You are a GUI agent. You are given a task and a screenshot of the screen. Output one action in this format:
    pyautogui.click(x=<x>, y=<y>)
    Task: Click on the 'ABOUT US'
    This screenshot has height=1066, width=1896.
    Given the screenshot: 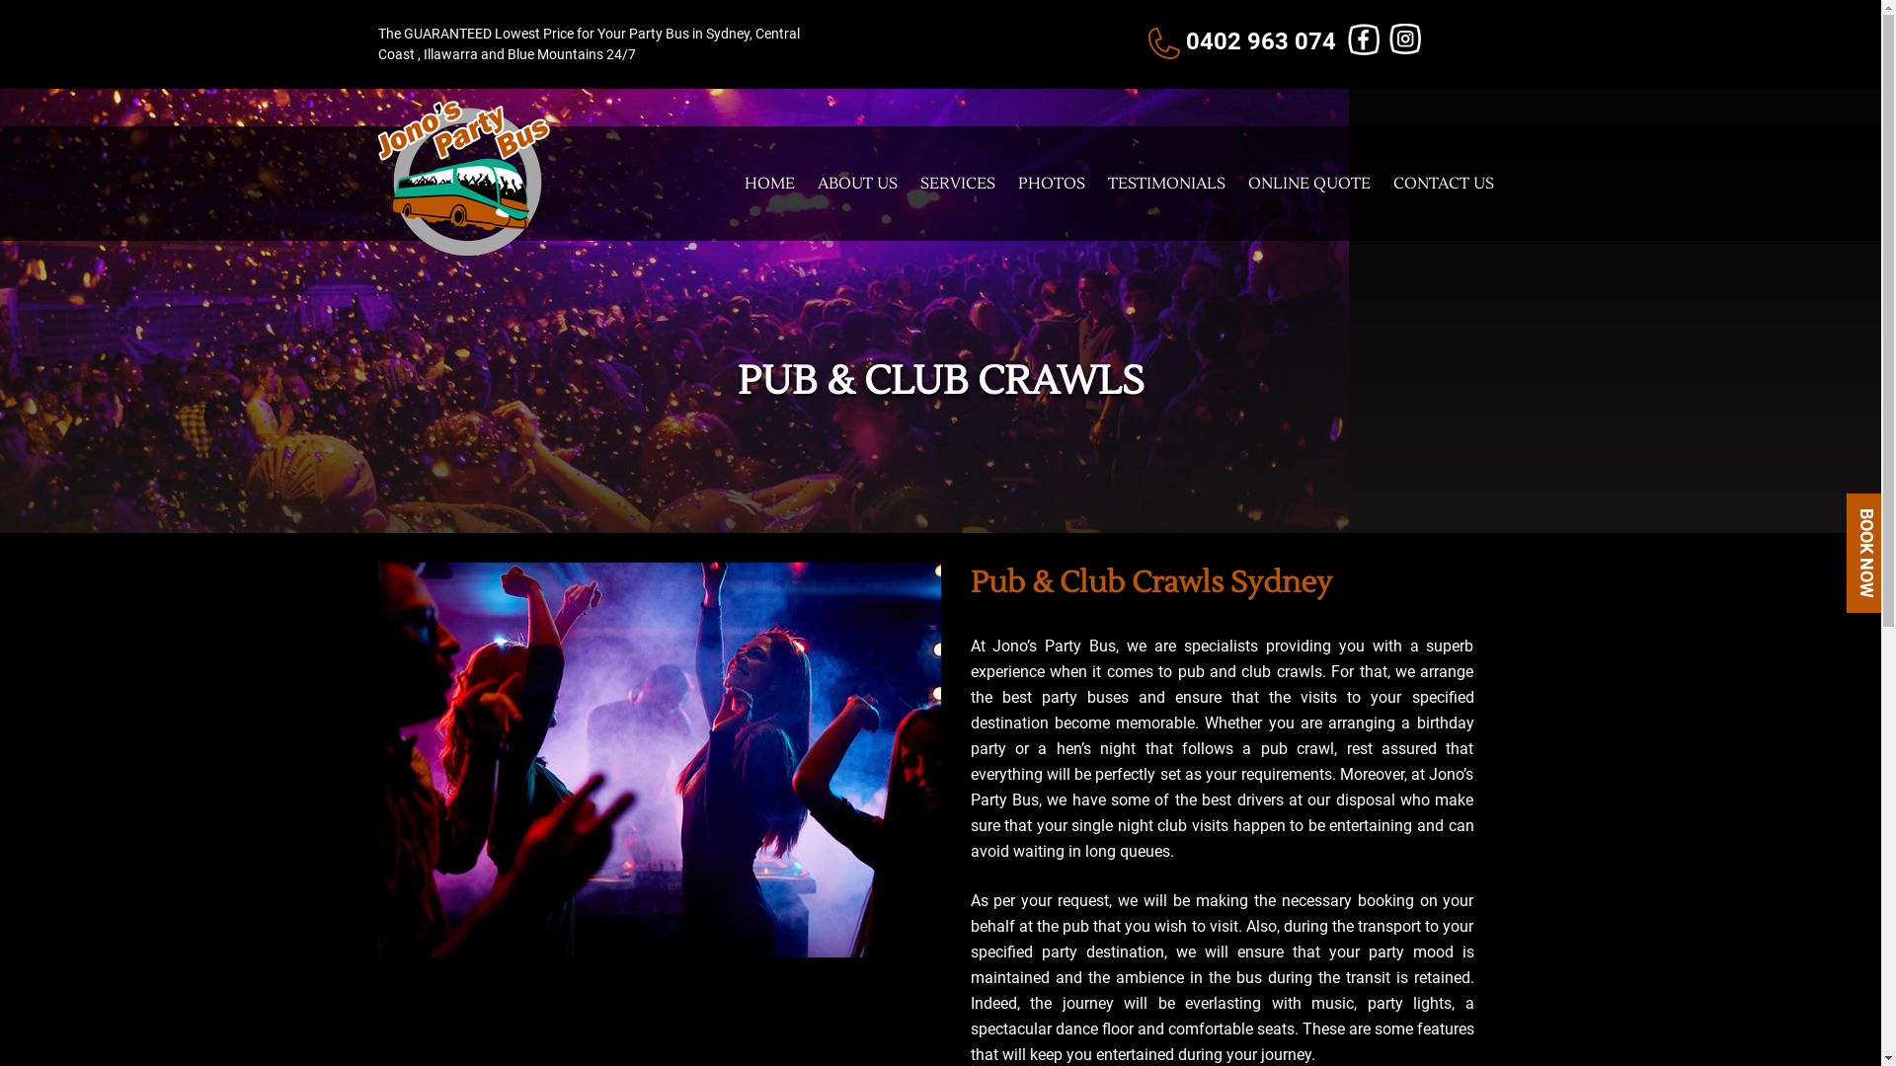 What is the action you would take?
    pyautogui.click(x=857, y=183)
    